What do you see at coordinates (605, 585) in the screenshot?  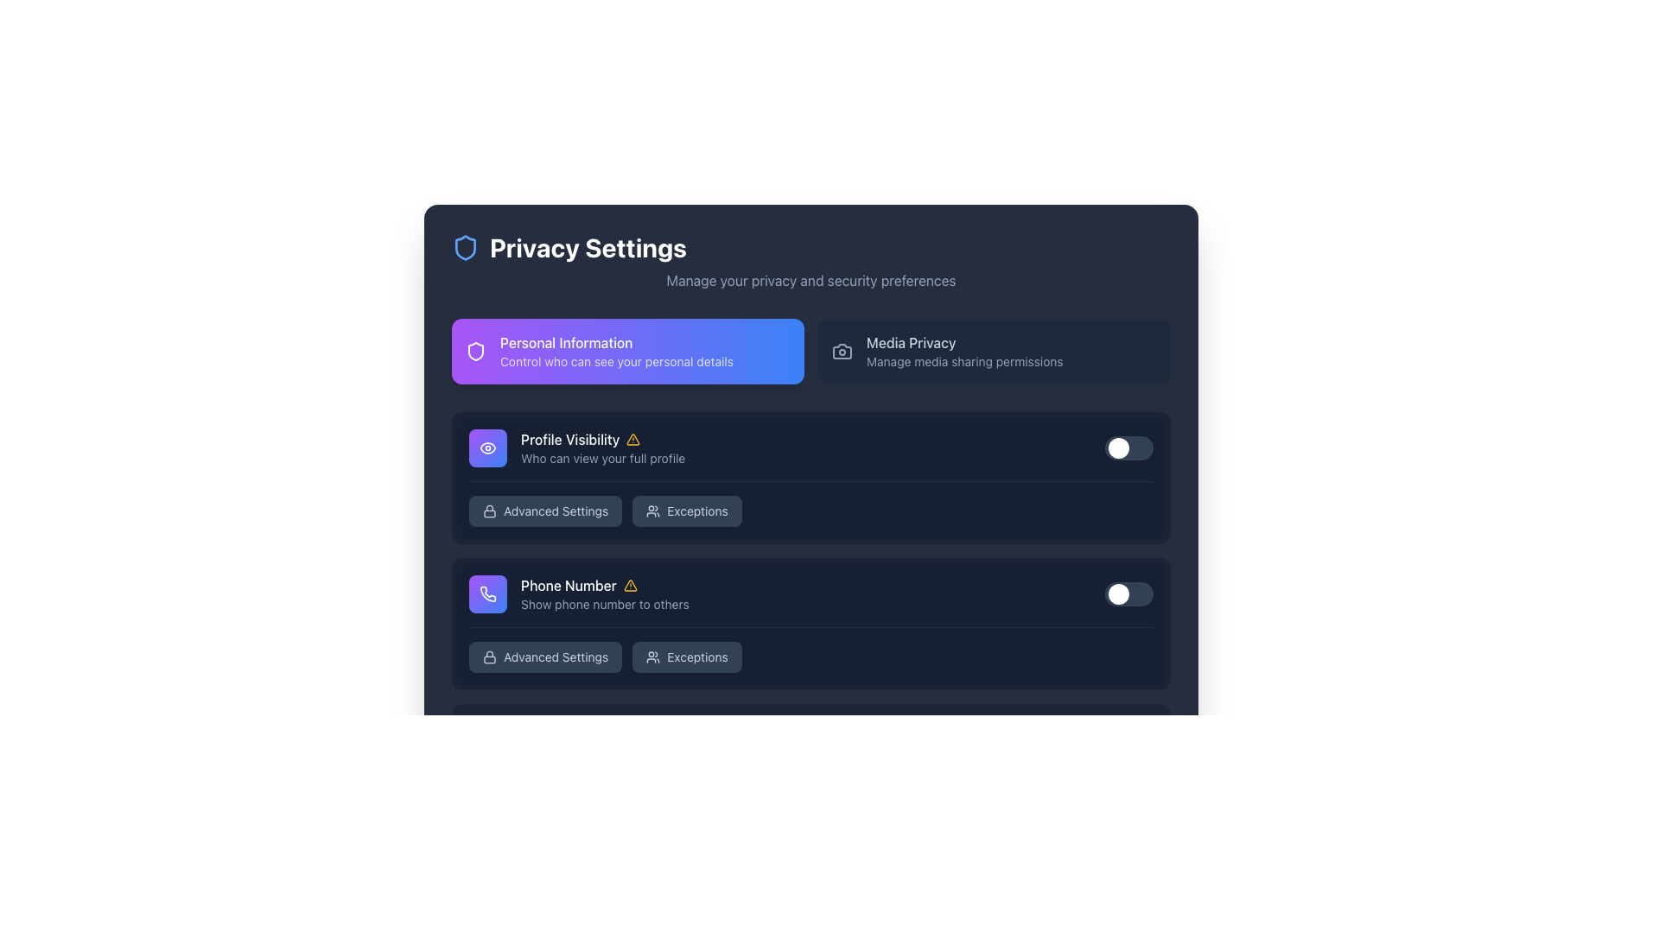 I see `the 'Phone Number' text label in white font, which is aligned with a warning icon and part of the Privacy Settings section` at bounding box center [605, 585].